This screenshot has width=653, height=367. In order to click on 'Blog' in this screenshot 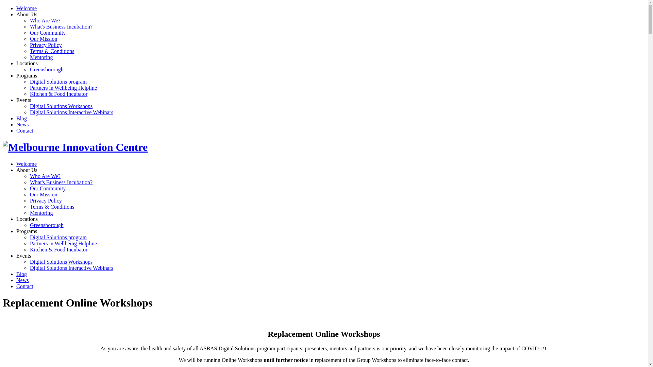, I will do `click(16, 118)`.